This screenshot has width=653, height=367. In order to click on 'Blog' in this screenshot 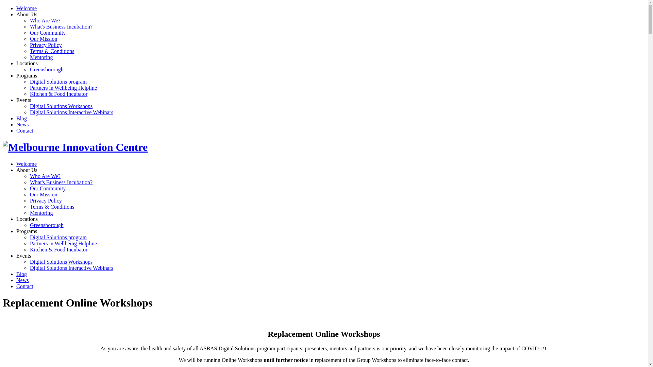, I will do `click(16, 118)`.